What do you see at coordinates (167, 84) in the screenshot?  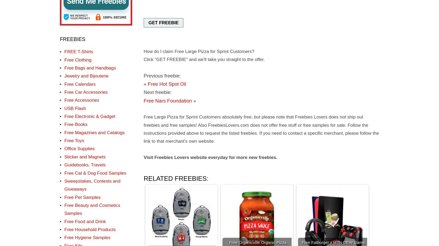 I see `'Free Hot Spot Oil'` at bounding box center [167, 84].